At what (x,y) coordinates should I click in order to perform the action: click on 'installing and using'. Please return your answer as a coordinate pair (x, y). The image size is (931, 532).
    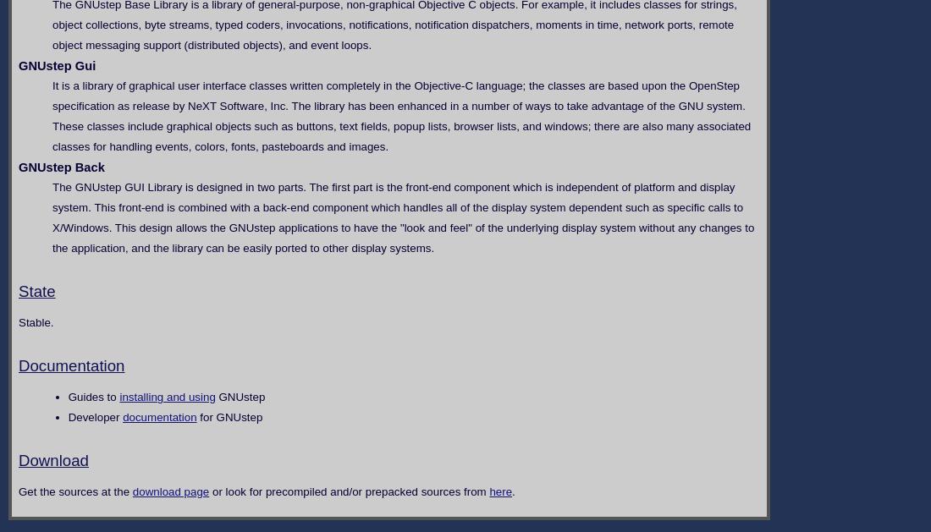
    Looking at the image, I should click on (166, 396).